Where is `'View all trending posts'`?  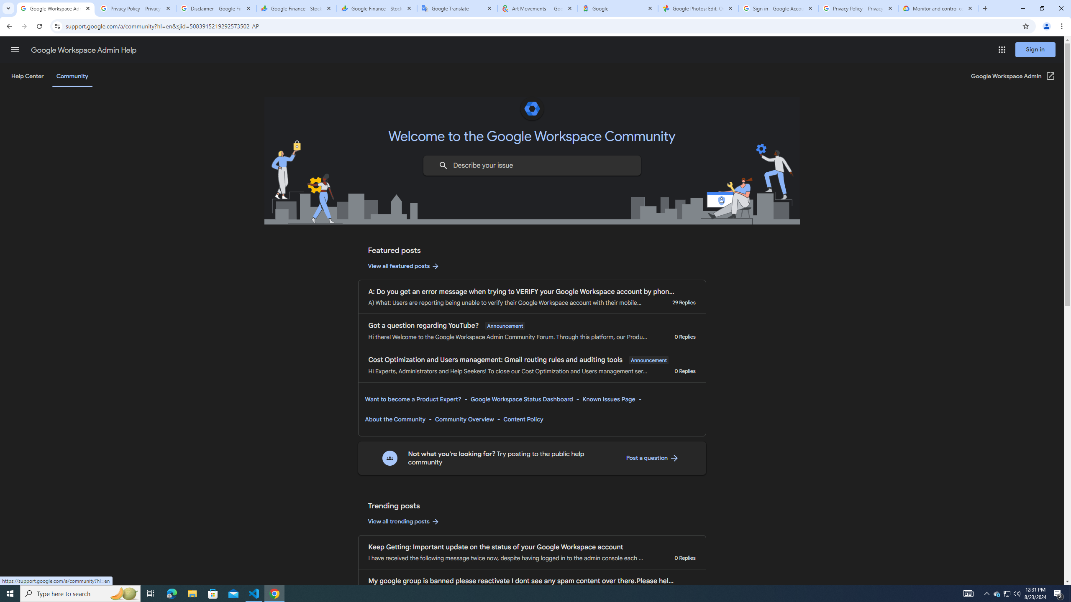 'View all trending posts' is located at coordinates (404, 521).